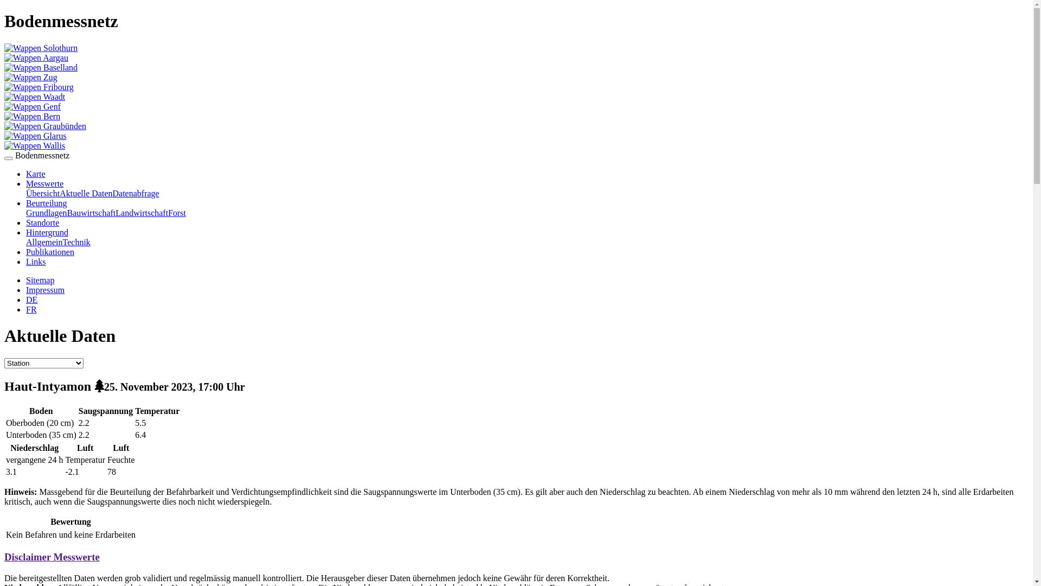  Describe the element at coordinates (31, 77) in the screenshot. I see `'Kanton Zug'` at that location.